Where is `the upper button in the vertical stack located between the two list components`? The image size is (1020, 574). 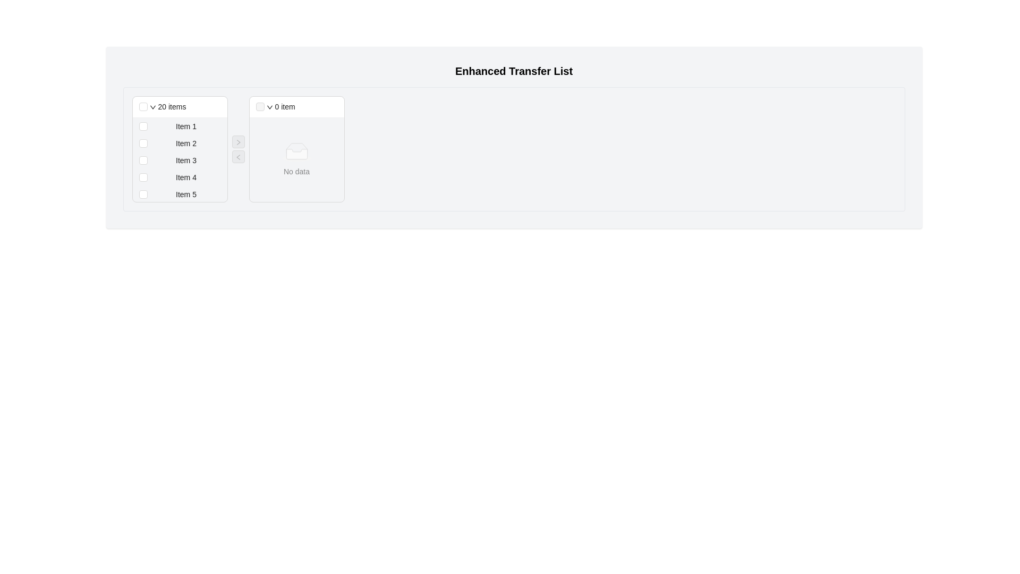 the upper button in the vertical stack located between the two list components is located at coordinates (237, 141).